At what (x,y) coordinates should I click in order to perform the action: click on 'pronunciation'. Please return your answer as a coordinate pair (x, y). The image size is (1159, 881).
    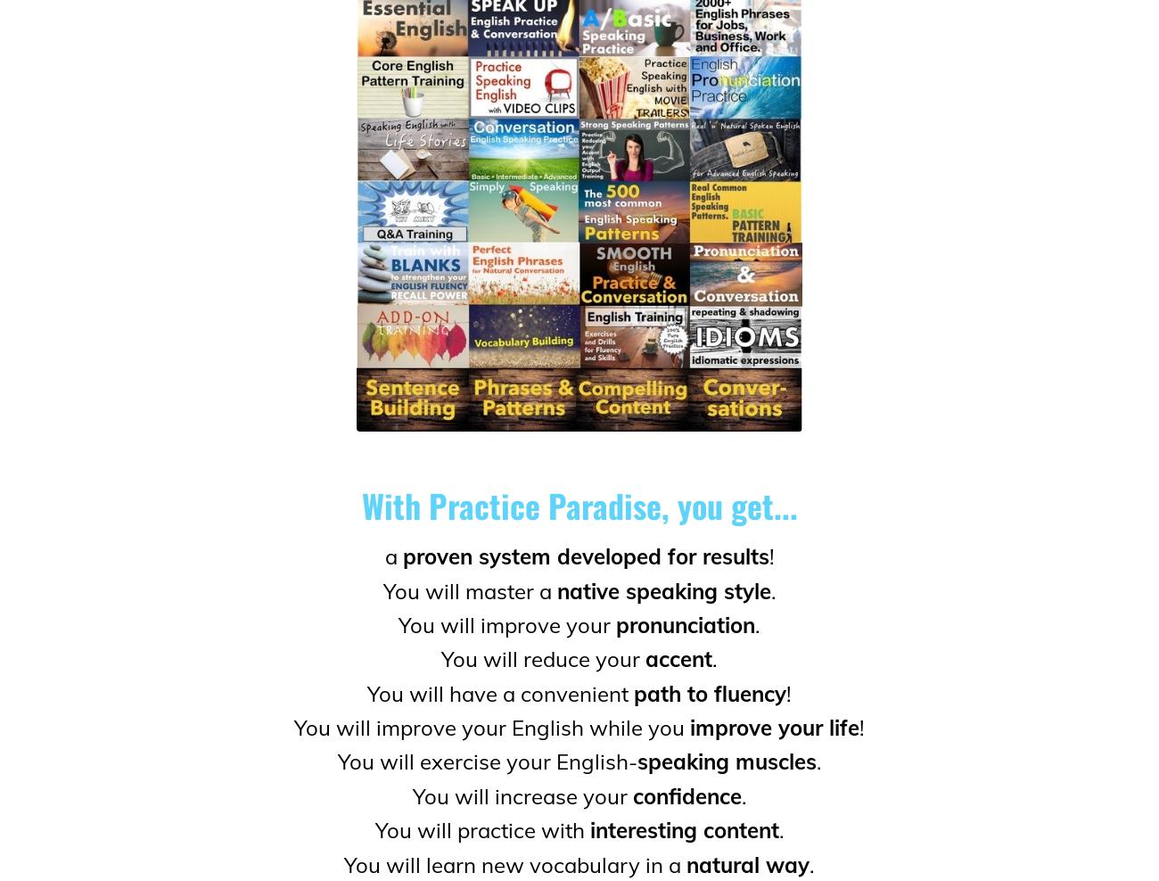
    Looking at the image, I should click on (614, 623).